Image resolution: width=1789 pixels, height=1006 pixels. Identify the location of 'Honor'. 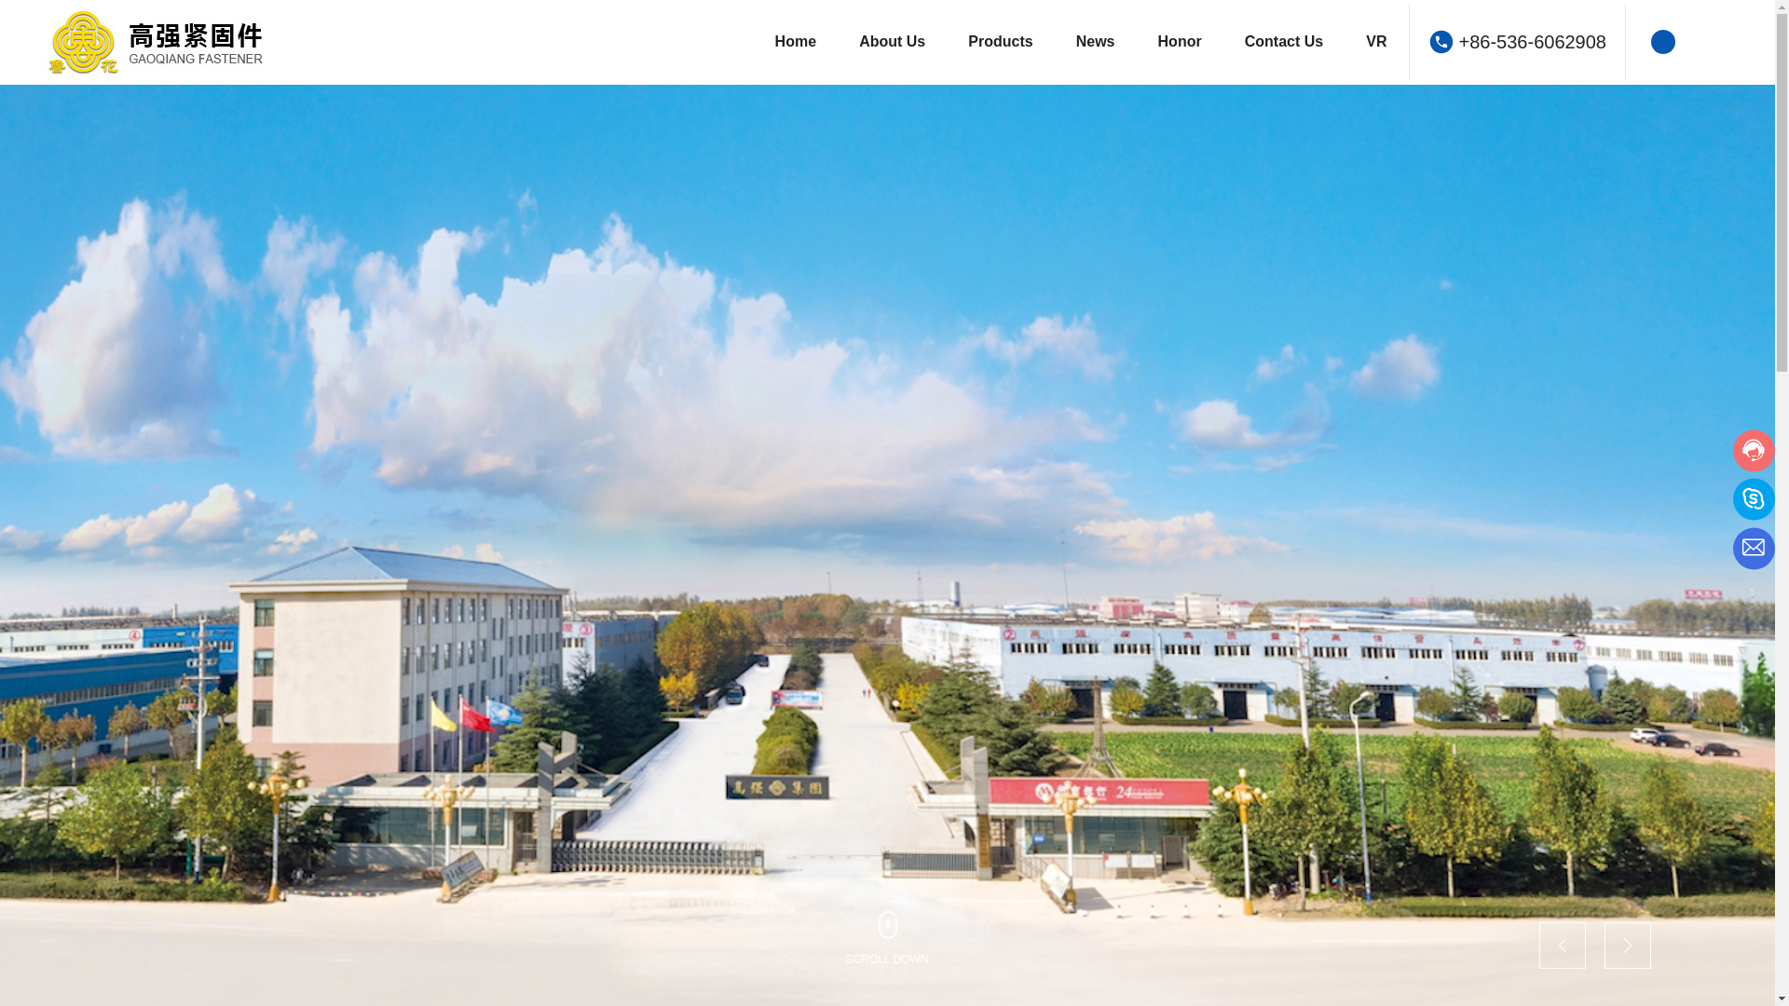
(1179, 42).